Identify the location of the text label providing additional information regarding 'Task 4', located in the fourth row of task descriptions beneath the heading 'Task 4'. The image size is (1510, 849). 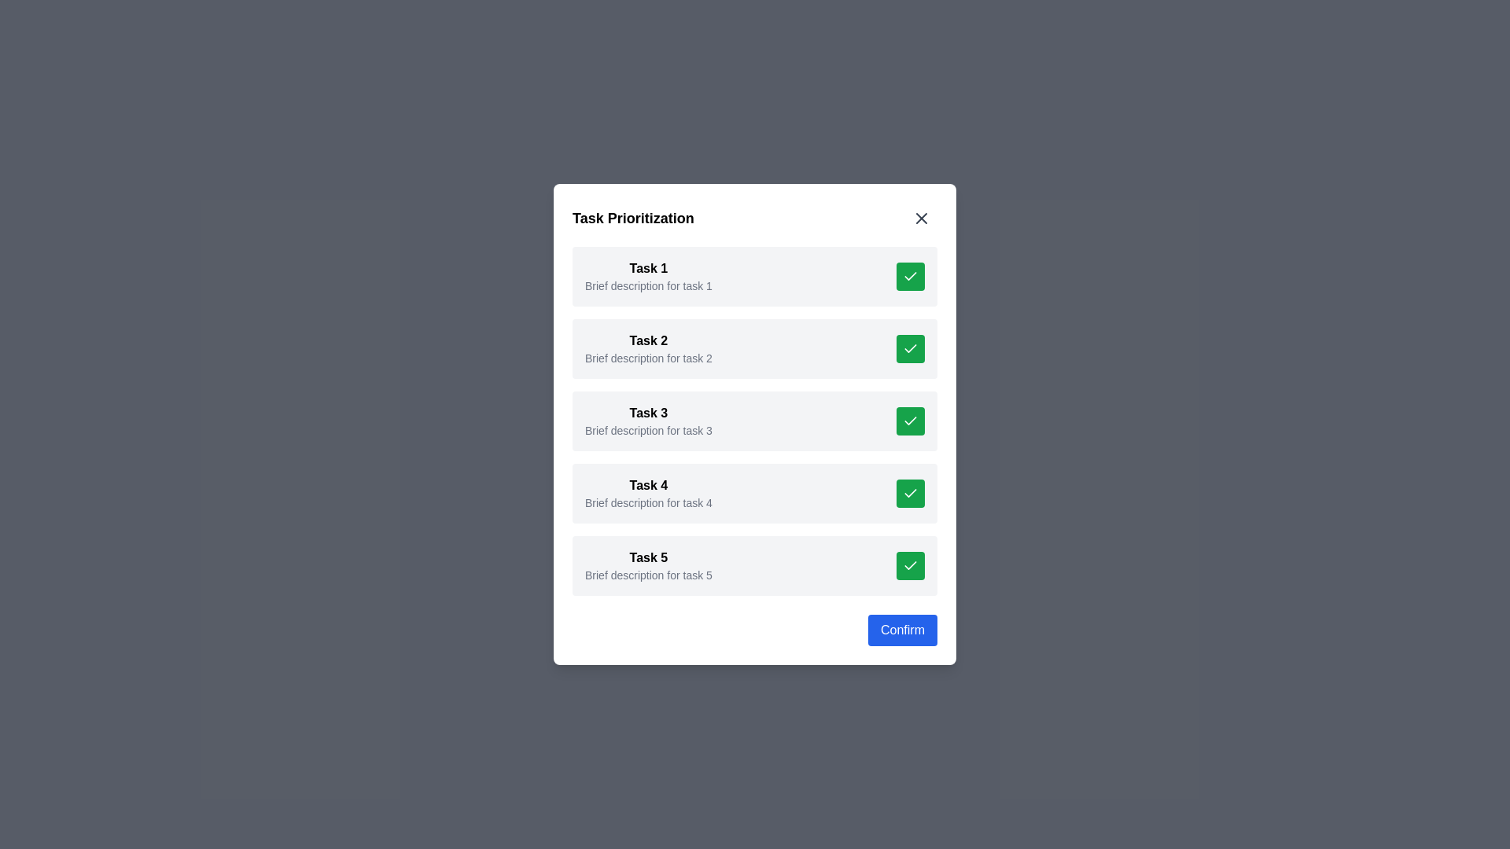
(649, 503).